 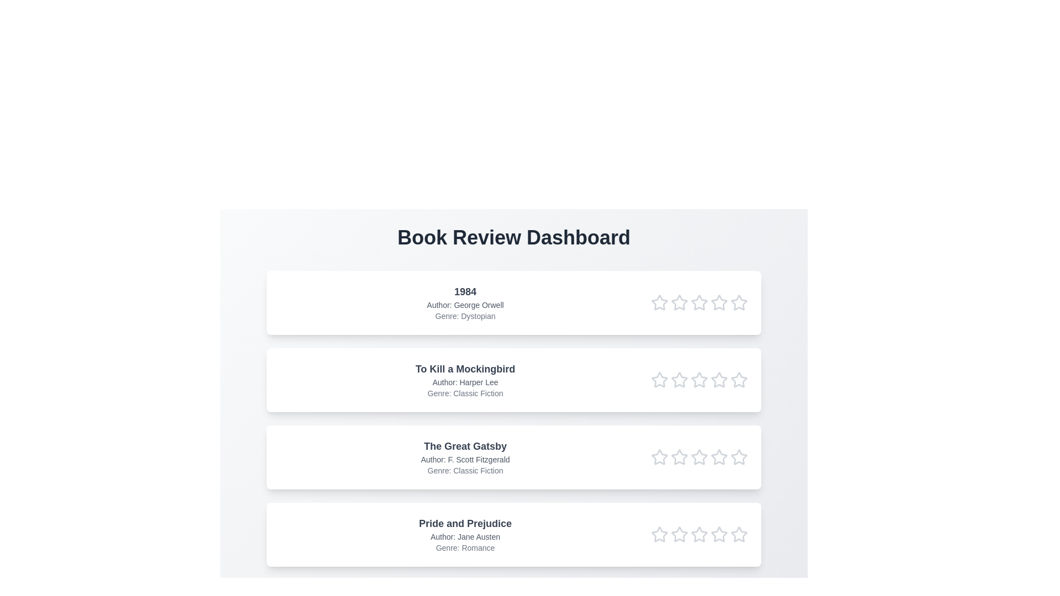 I want to click on the rating of the book 'The Great Gatsby' to 2 stars by clicking on the respective star, so click(x=679, y=457).